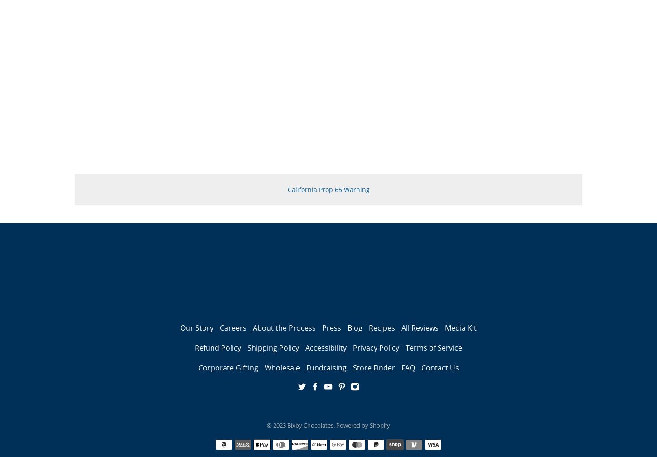 The height and width of the screenshot is (457, 657). I want to click on 'Contact Us', so click(440, 368).